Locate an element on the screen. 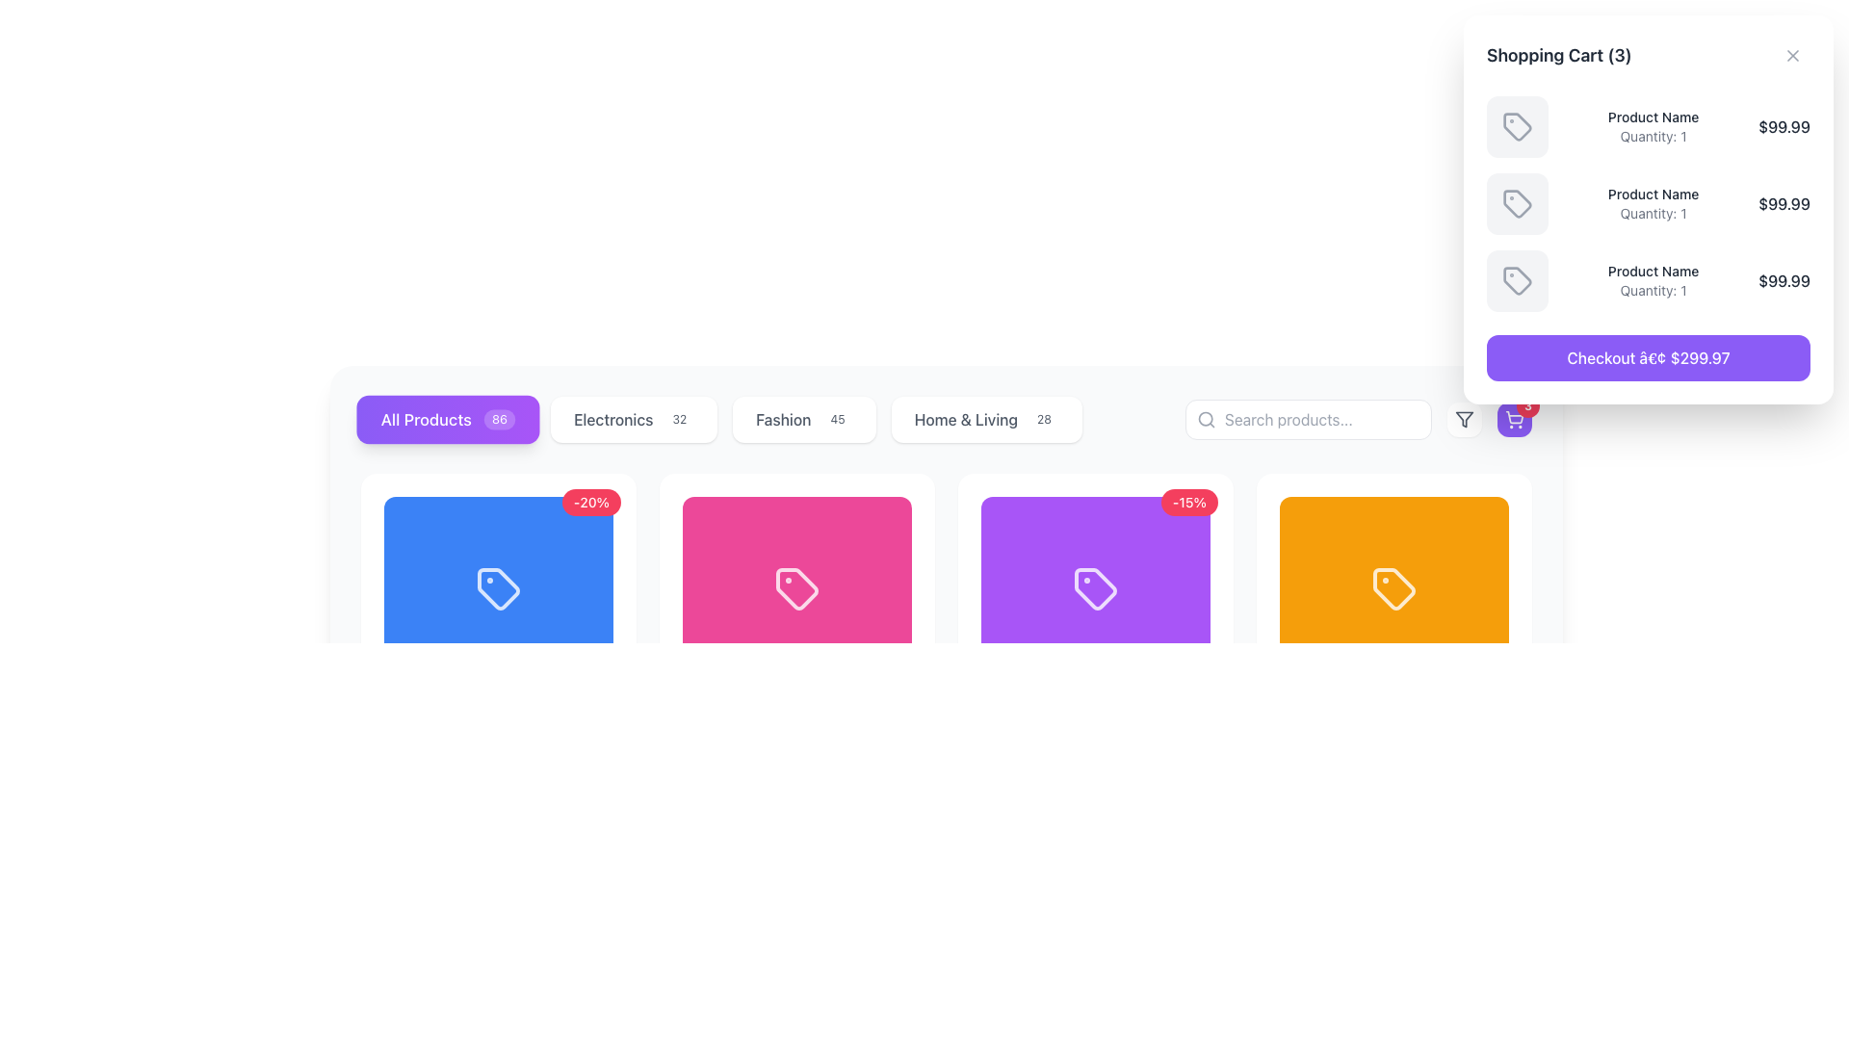 Image resolution: width=1849 pixels, height=1040 pixels. the shopping item category icon located at the top-right corner of the shopping cart dropdown interface is located at coordinates (1516, 126).